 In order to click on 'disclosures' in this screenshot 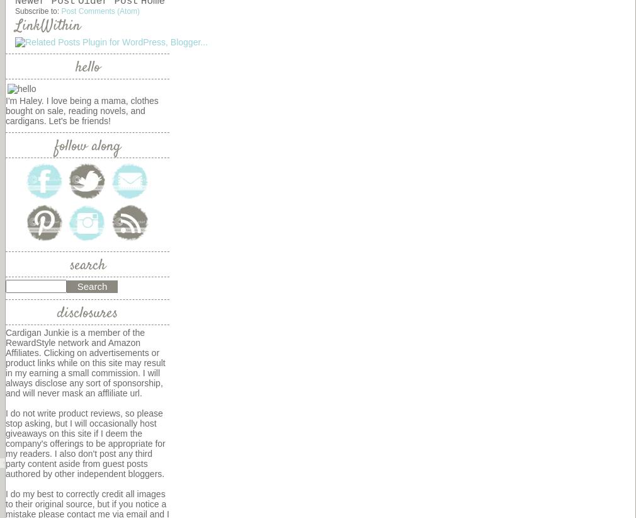, I will do `click(86, 313)`.